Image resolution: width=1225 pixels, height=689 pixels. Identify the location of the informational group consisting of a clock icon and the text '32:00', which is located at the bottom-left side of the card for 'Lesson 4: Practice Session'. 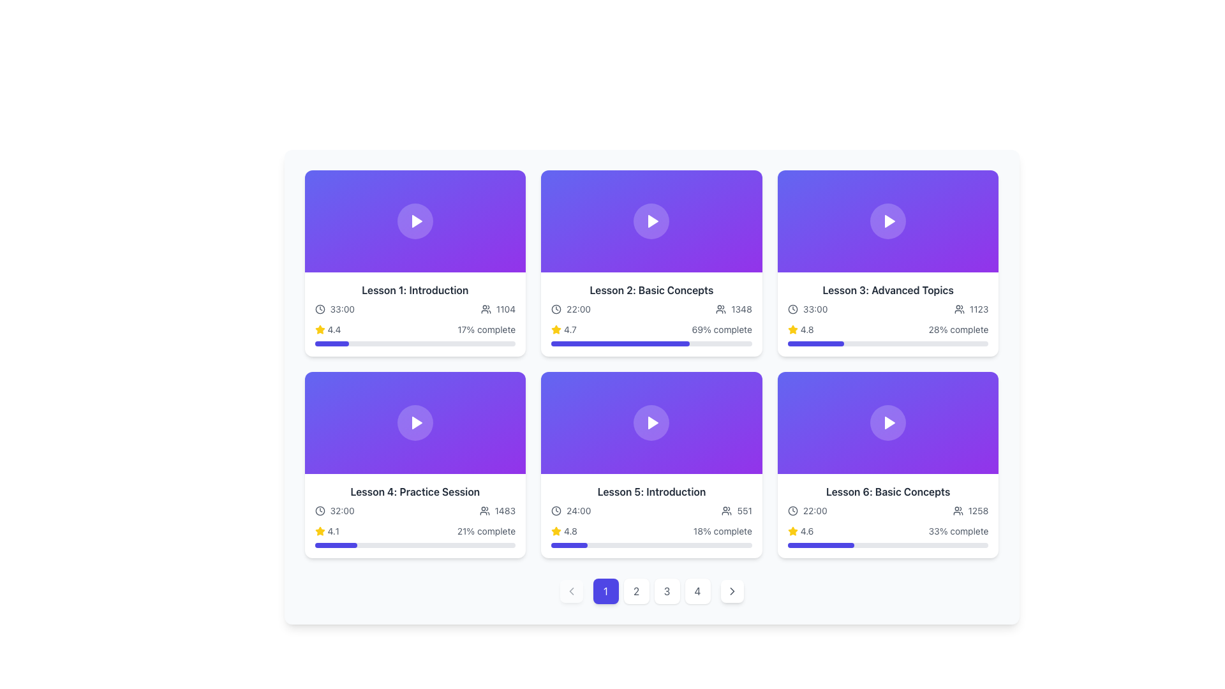
(334, 510).